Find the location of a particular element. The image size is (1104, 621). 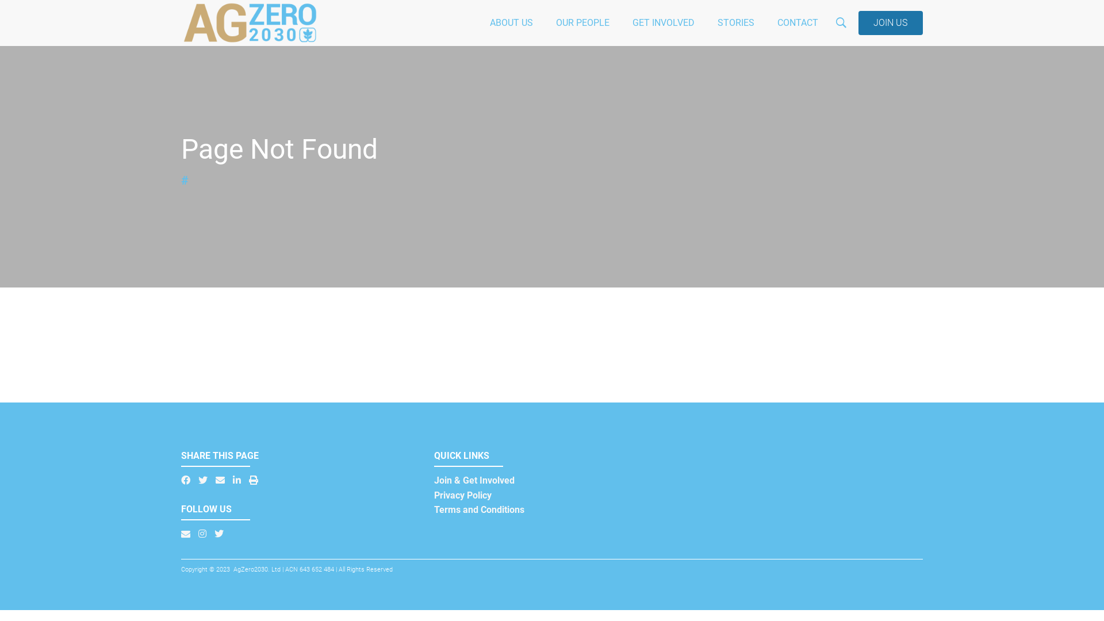

'Privacy Policy is located at coordinates (433, 502).